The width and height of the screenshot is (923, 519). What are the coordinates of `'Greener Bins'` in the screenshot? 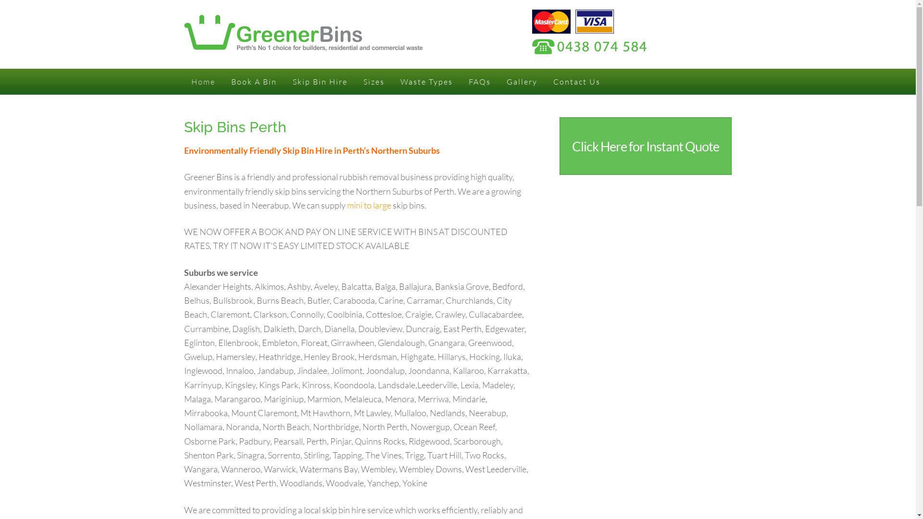 It's located at (302, 44).